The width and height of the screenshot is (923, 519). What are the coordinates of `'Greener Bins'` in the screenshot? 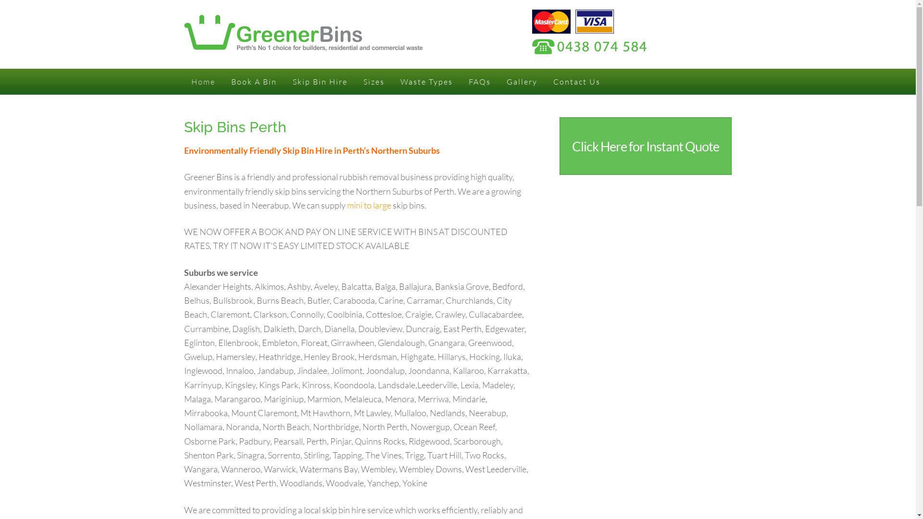 It's located at (302, 44).